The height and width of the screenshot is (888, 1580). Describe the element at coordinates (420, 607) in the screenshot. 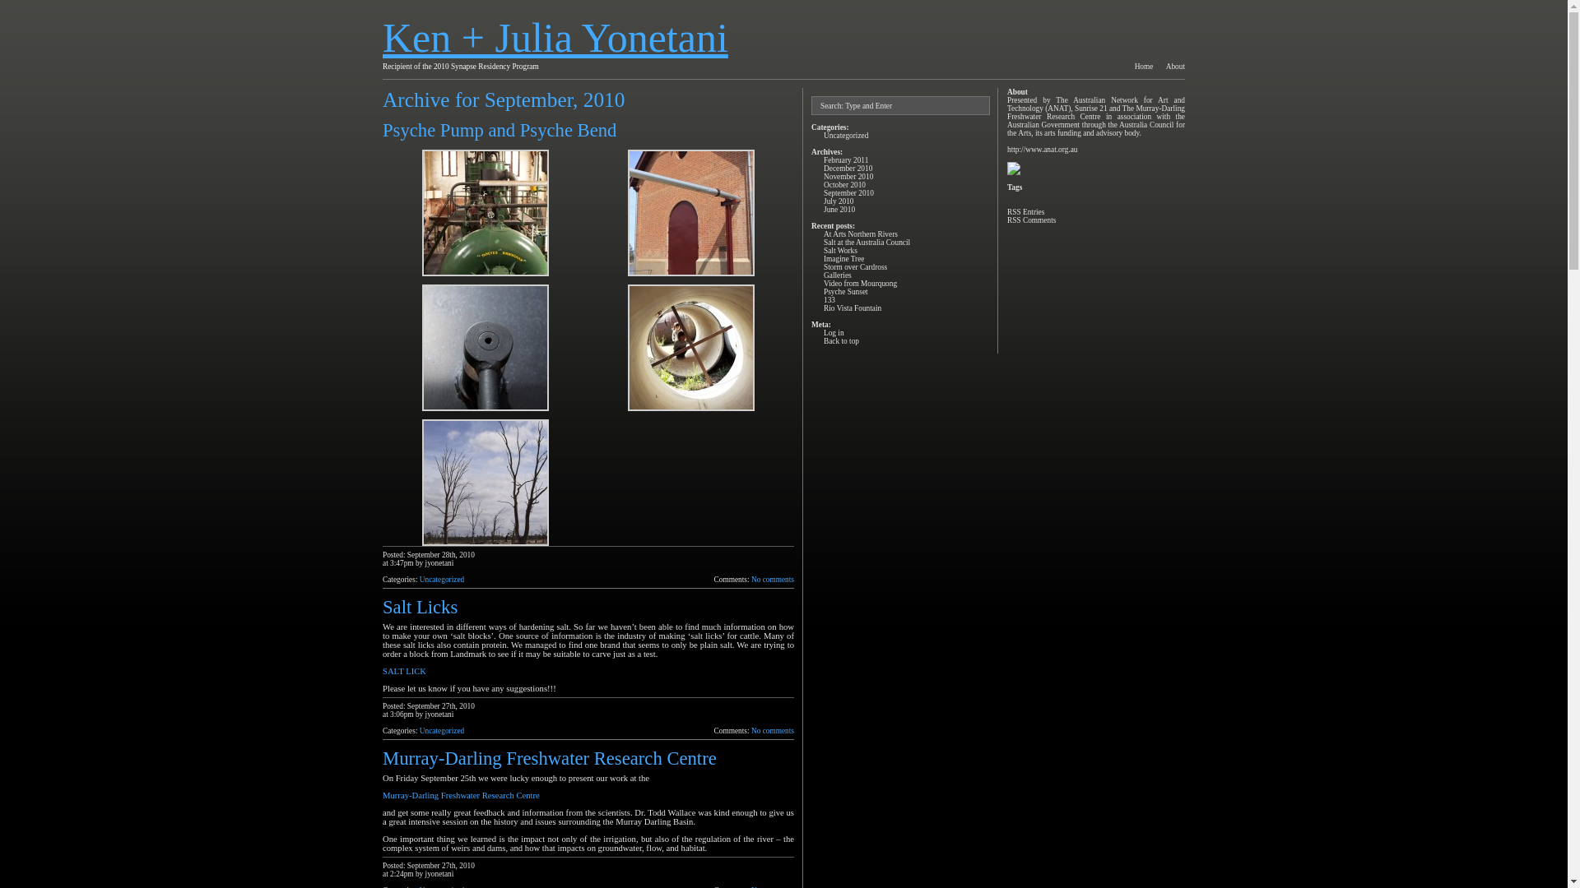

I see `'Salt Licks'` at that location.